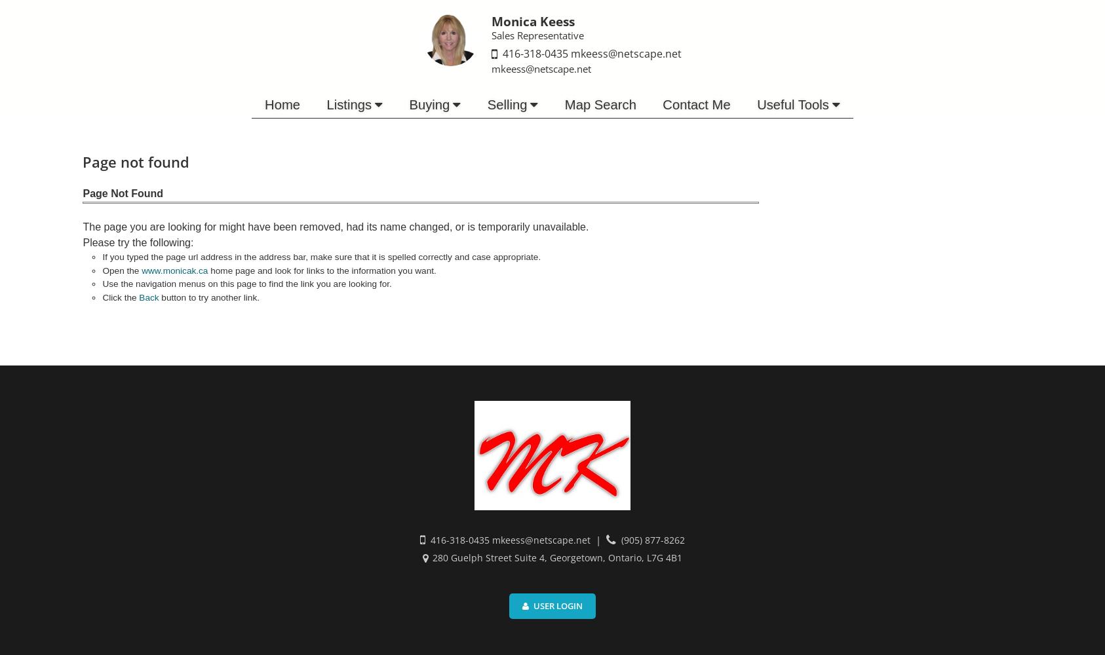 The height and width of the screenshot is (655, 1105). Describe the element at coordinates (338, 128) in the screenshot. I see `'Residential Search'` at that location.